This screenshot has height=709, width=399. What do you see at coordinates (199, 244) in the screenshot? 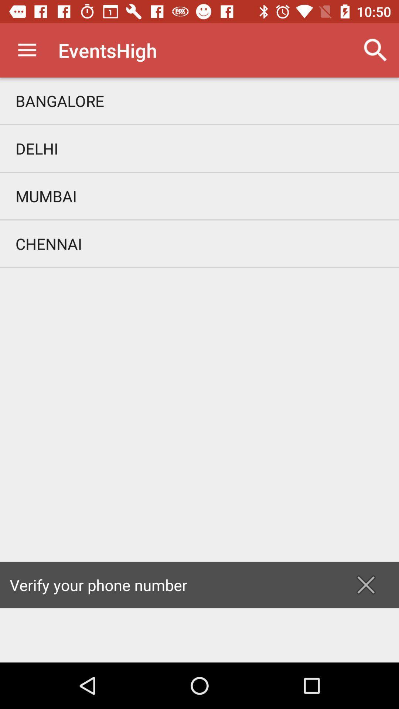
I see `the chennai at the center` at bounding box center [199, 244].